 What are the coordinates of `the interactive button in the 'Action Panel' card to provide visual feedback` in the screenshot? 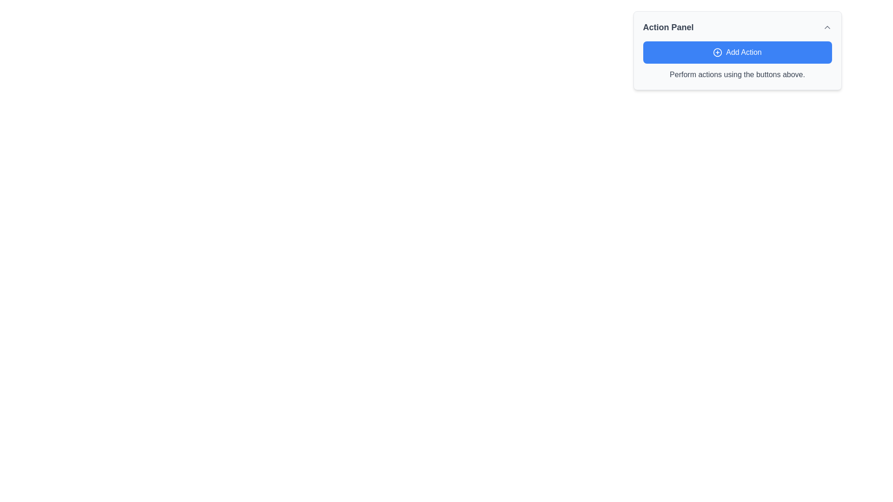 It's located at (737, 61).